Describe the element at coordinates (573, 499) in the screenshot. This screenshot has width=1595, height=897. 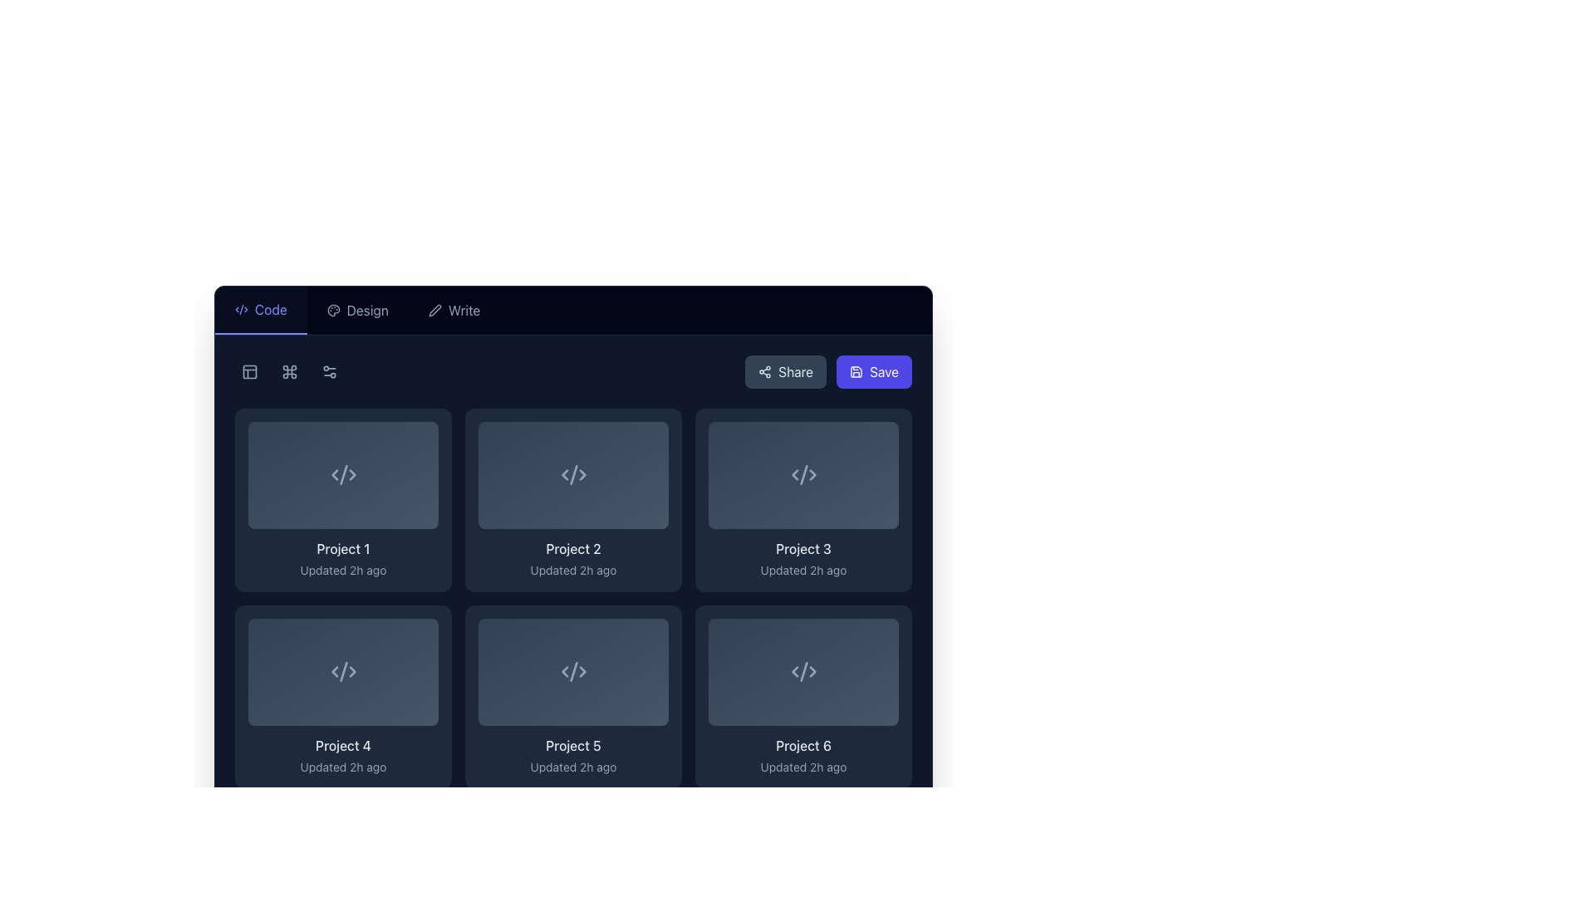
I see `the second project card in the grid, which displays project-specific information such as its title and last updated time` at that location.